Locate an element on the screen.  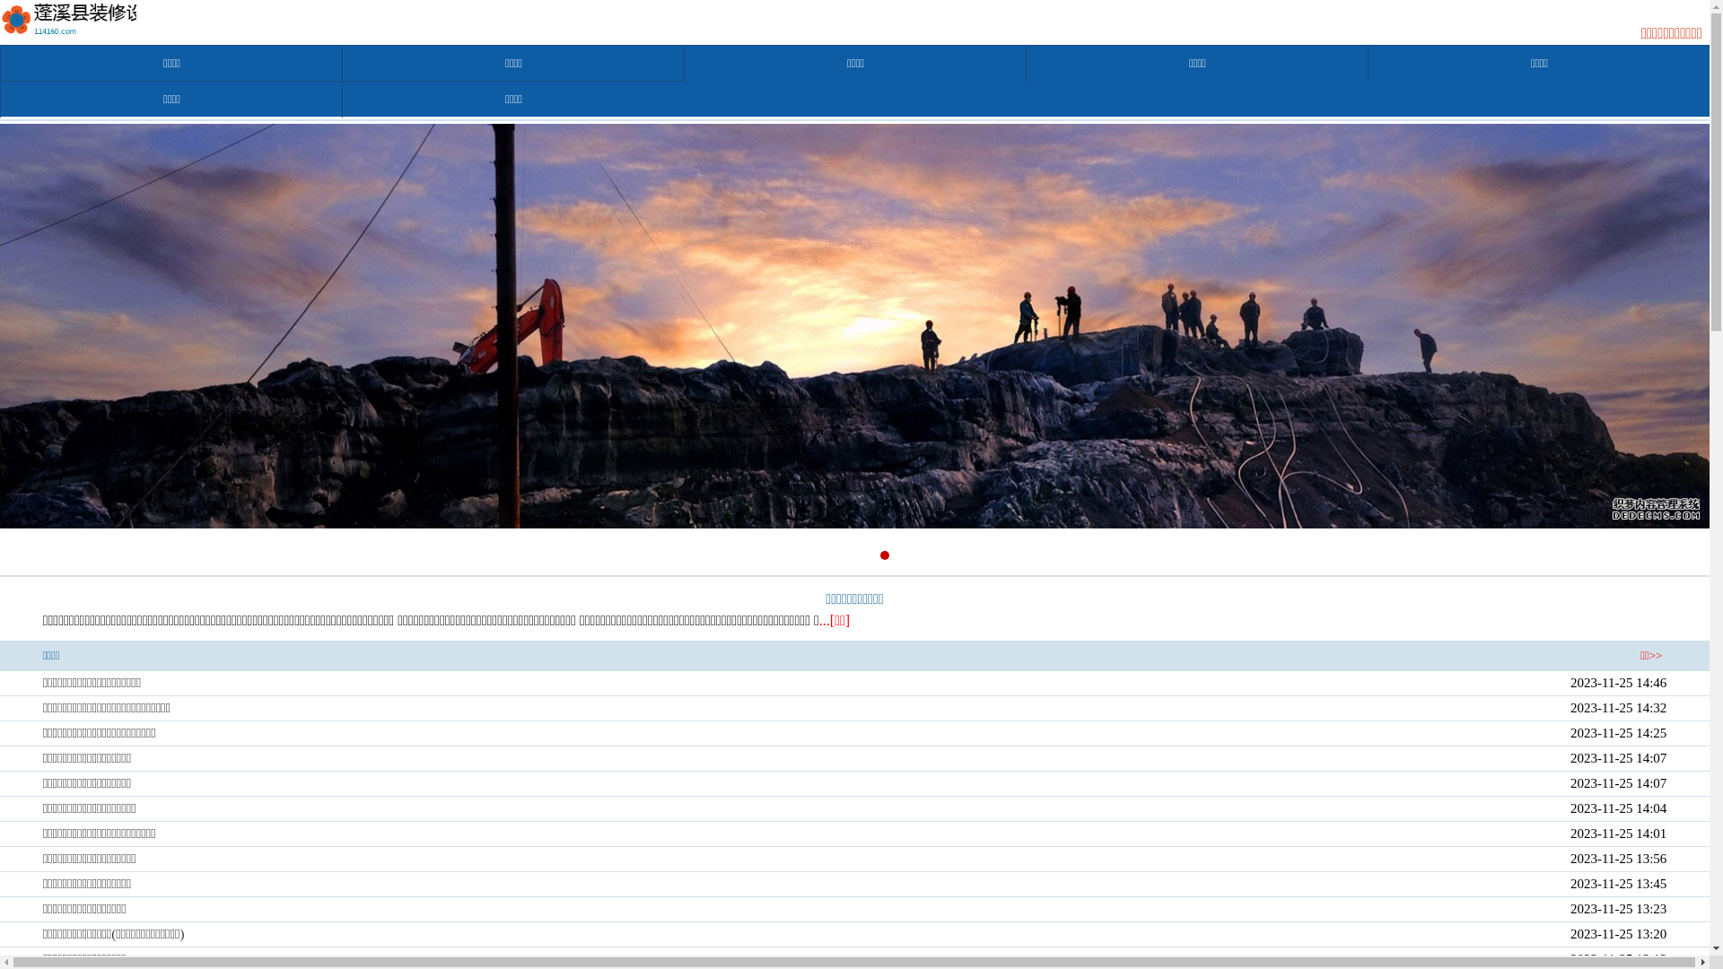
'1' is located at coordinates (823, 554).